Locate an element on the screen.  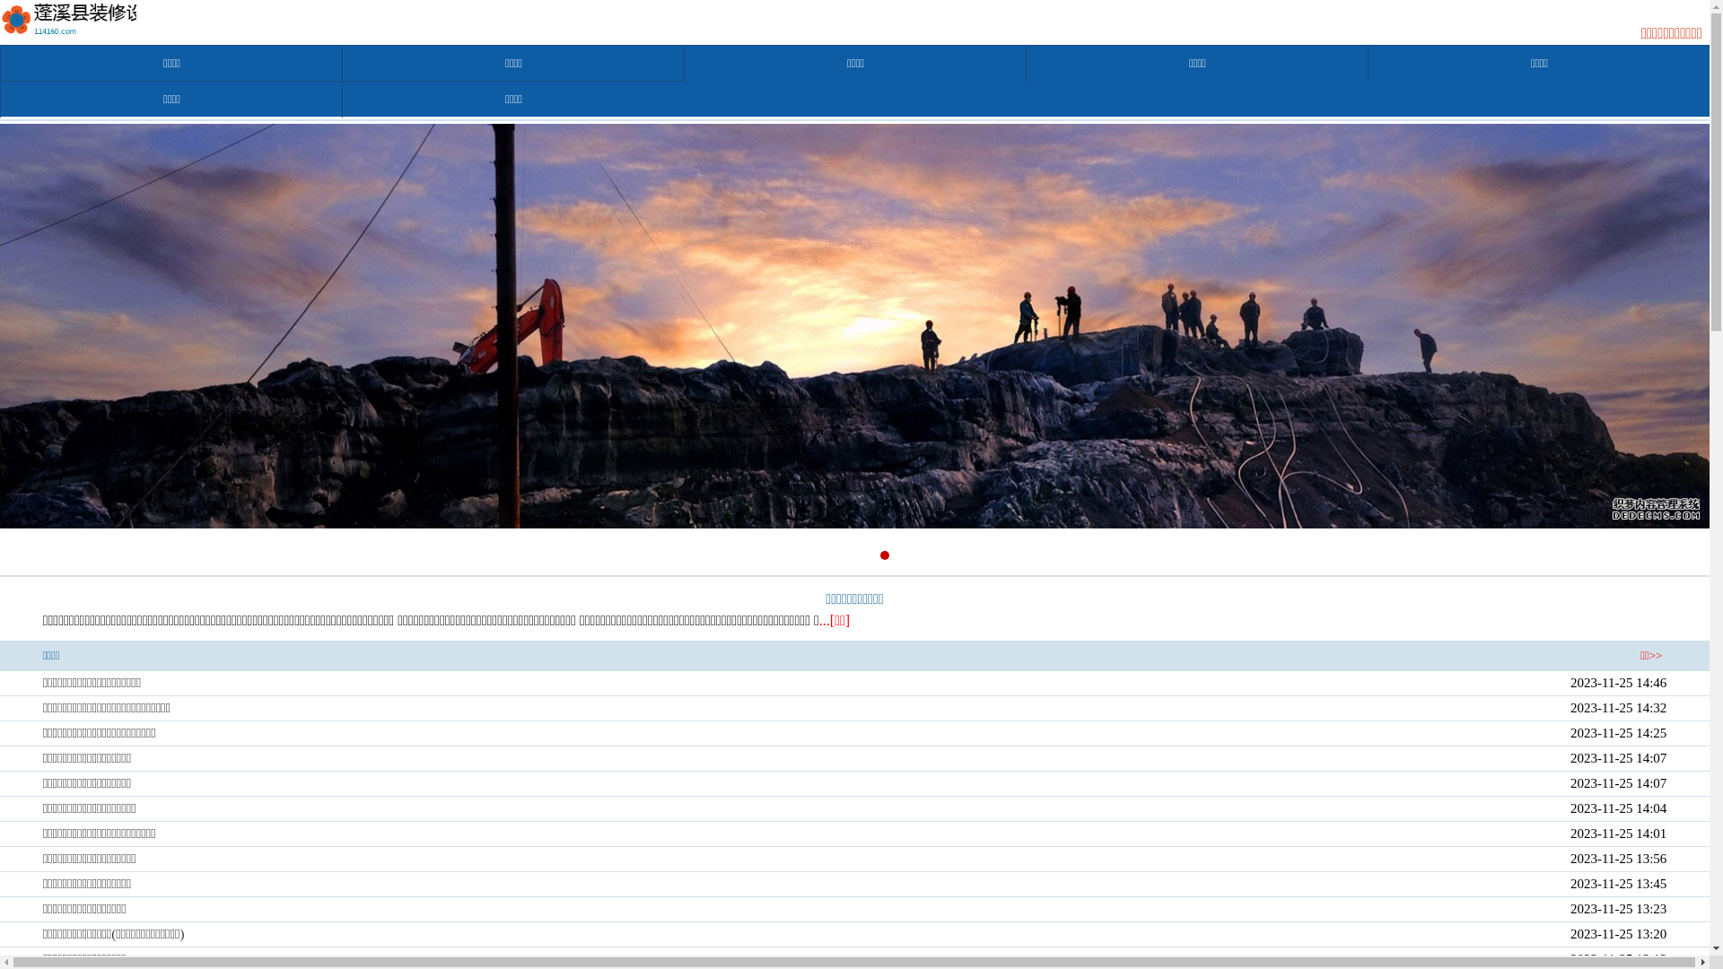
'1' is located at coordinates (823, 554).